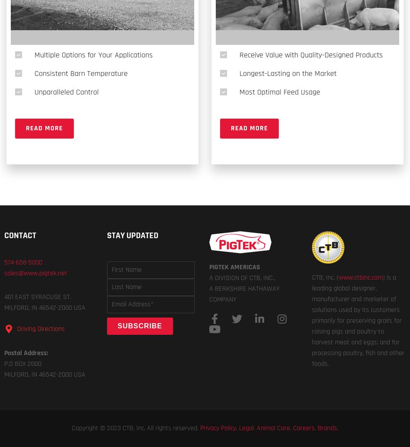 Image resolution: width=410 pixels, height=447 pixels. Describe the element at coordinates (132, 235) in the screenshot. I see `'Stay Updated'` at that location.